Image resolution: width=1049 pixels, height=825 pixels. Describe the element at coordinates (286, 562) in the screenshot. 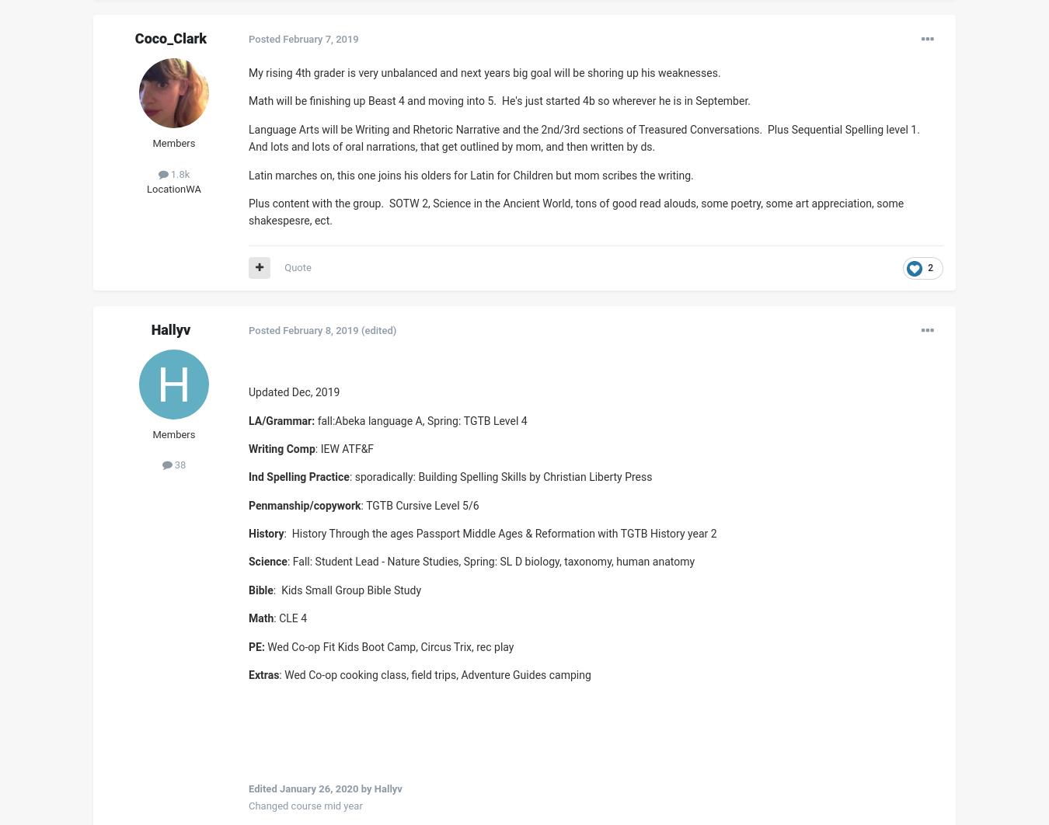

I see `': Fall: Student Lead - Nature Studies, Spring: SL D biology, taxonomy, human anatomy'` at that location.